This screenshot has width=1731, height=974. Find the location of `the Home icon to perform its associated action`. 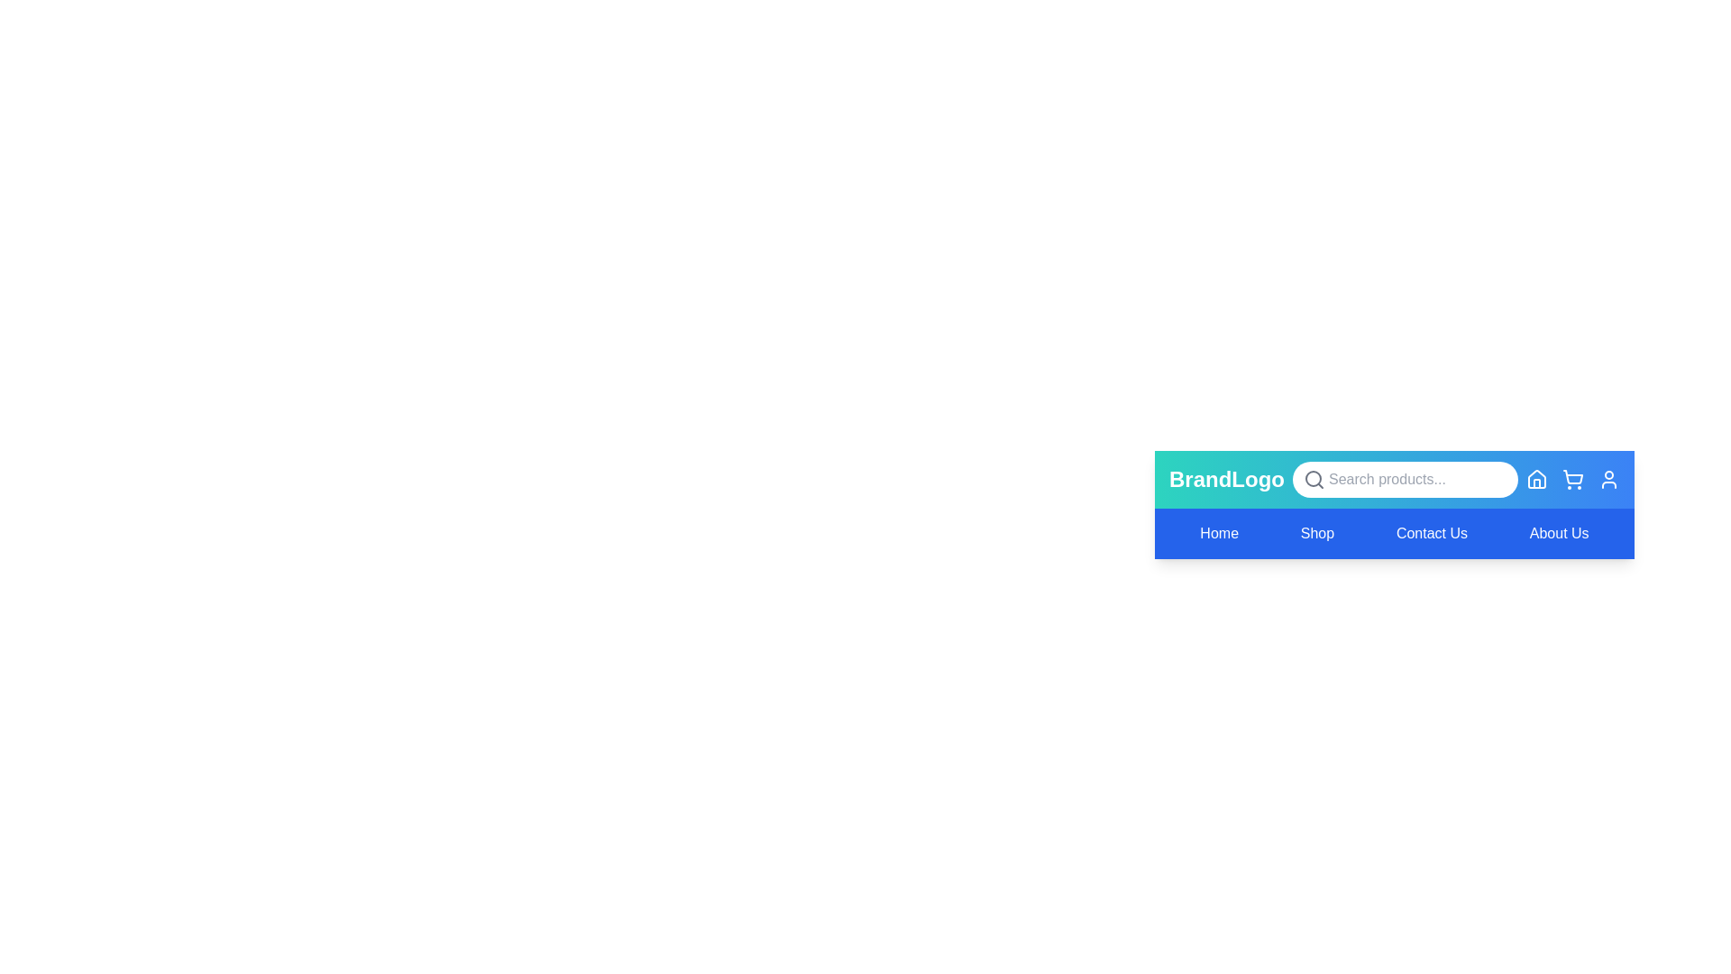

the Home icon to perform its associated action is located at coordinates (1535, 479).